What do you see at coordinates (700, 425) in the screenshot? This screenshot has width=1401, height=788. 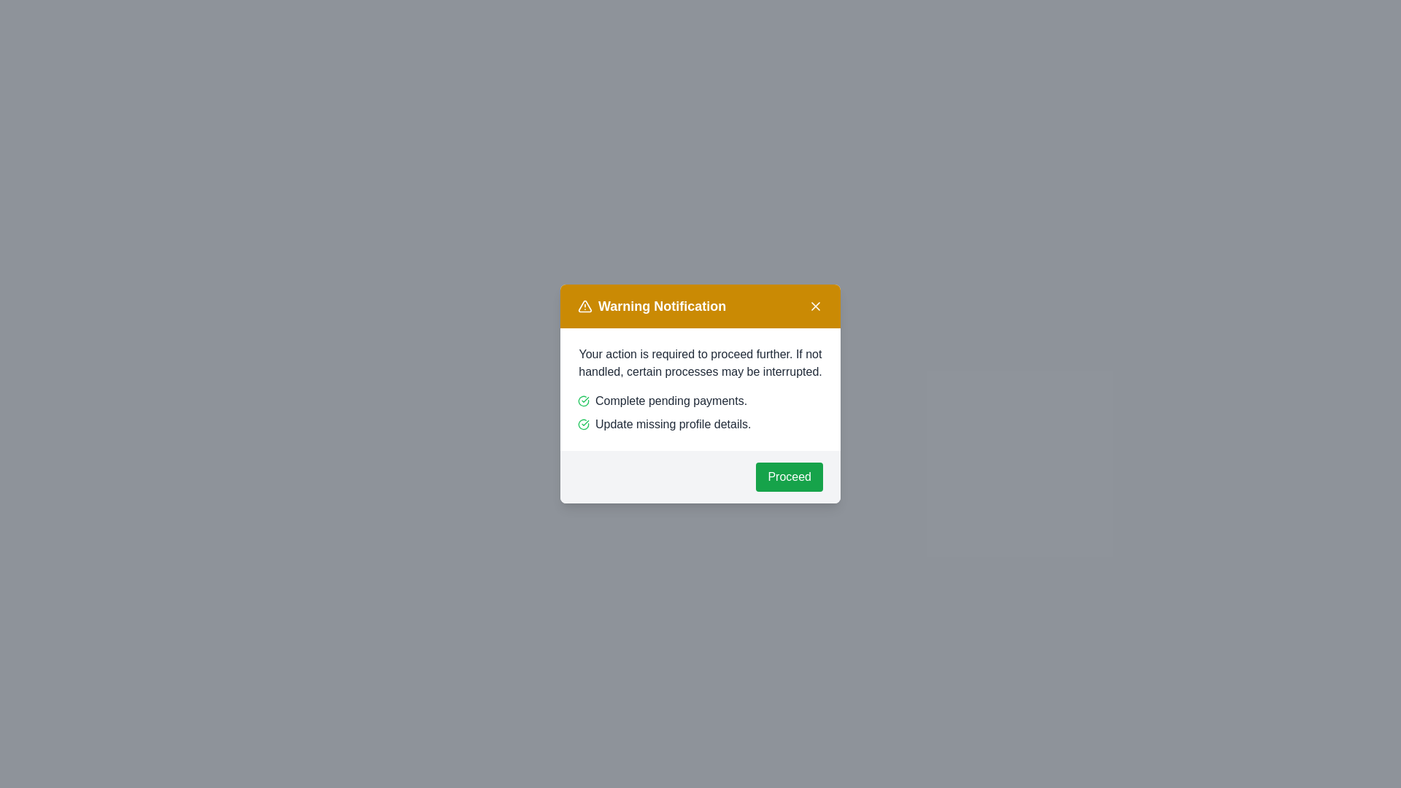 I see `the text 'Update missing profile details.' with the green checkmark icon, which is the second item in the Warning Notification dialog` at bounding box center [700, 425].